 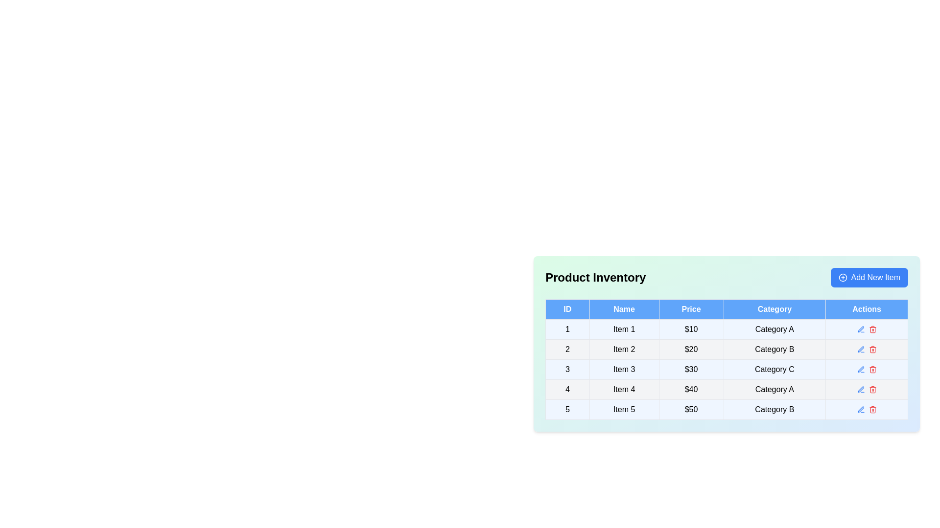 I want to click on text 'Category B' from the fourth cell in the second row of the data table under the 'Category' header, so click(x=774, y=349).